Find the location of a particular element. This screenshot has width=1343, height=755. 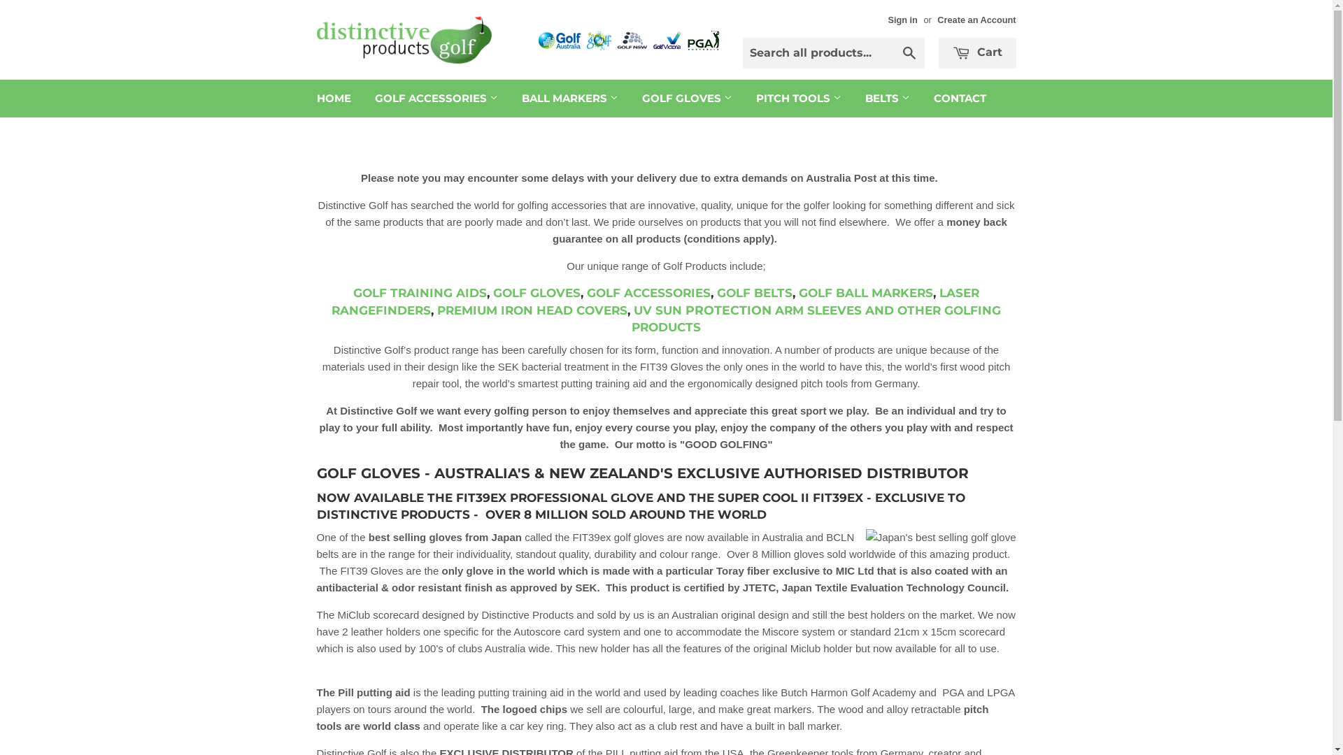

'PREMIUM IRON HEAD COVERS' is located at coordinates (532, 309).